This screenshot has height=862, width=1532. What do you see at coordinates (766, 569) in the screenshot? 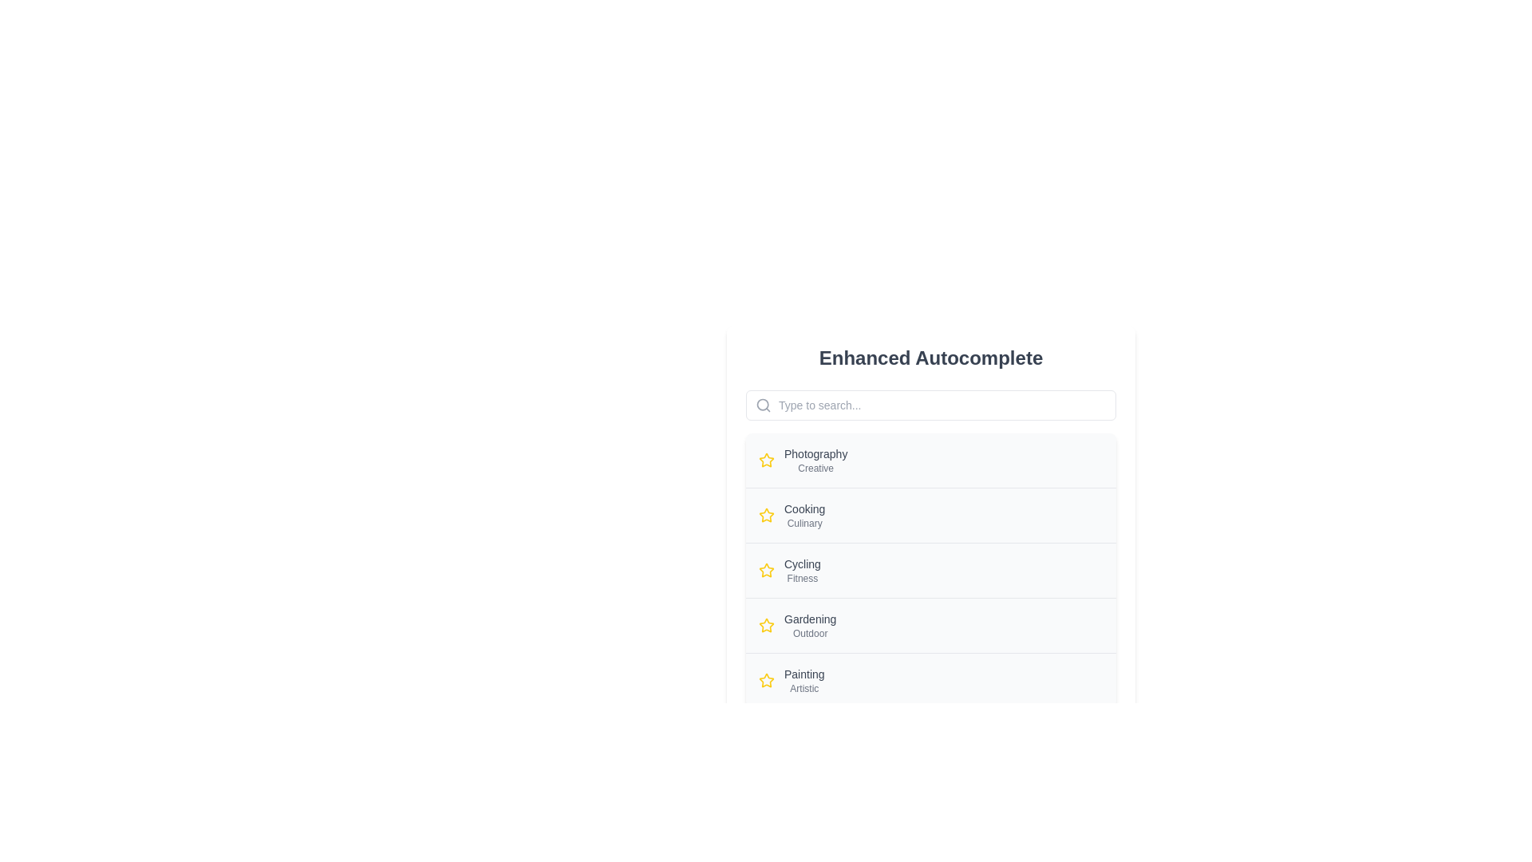
I see `the yellow star icon located to the left of the 'Cycling' label and its subtitle in the third row of the vertical list to interact with the associated item` at bounding box center [766, 569].